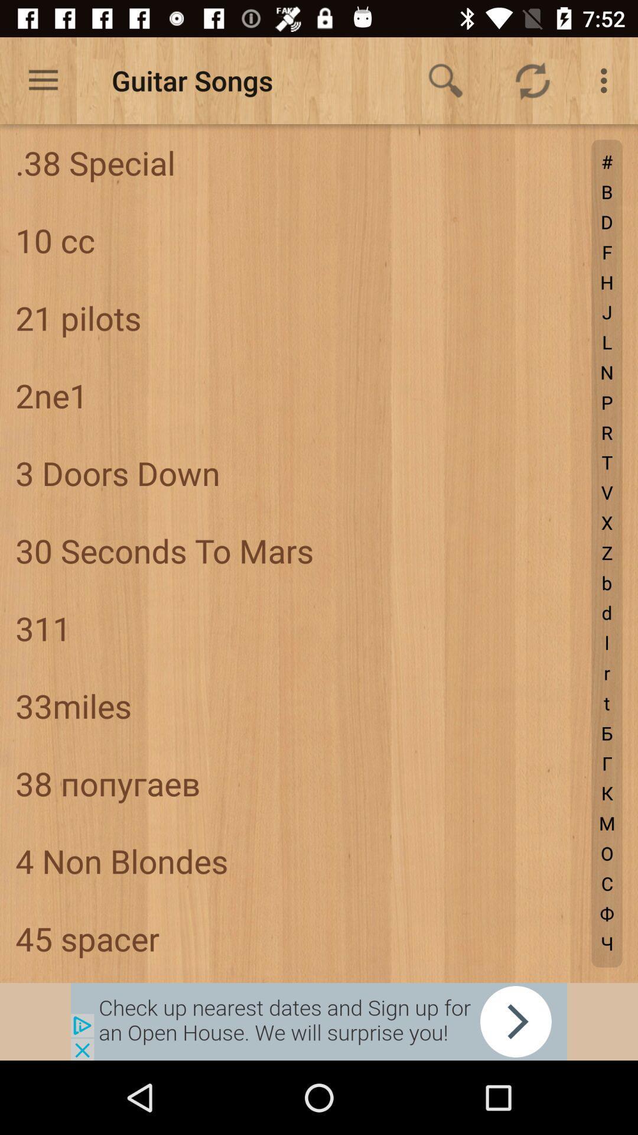  Describe the element at coordinates (319, 1021) in the screenshot. I see `share the article` at that location.